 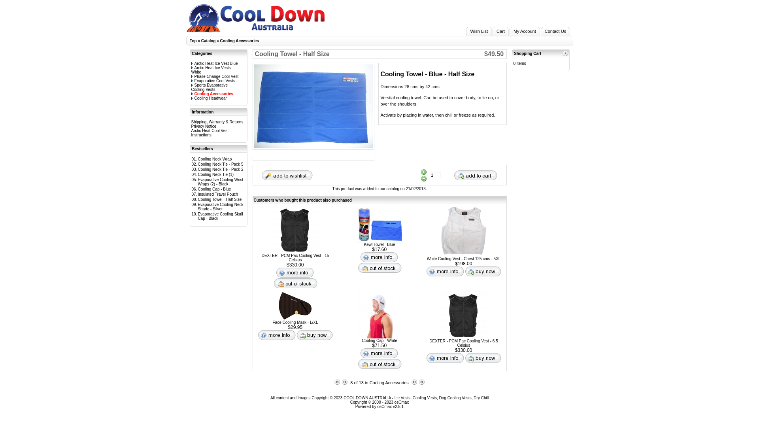 I want to click on 'Privacy Notice', so click(x=204, y=126).